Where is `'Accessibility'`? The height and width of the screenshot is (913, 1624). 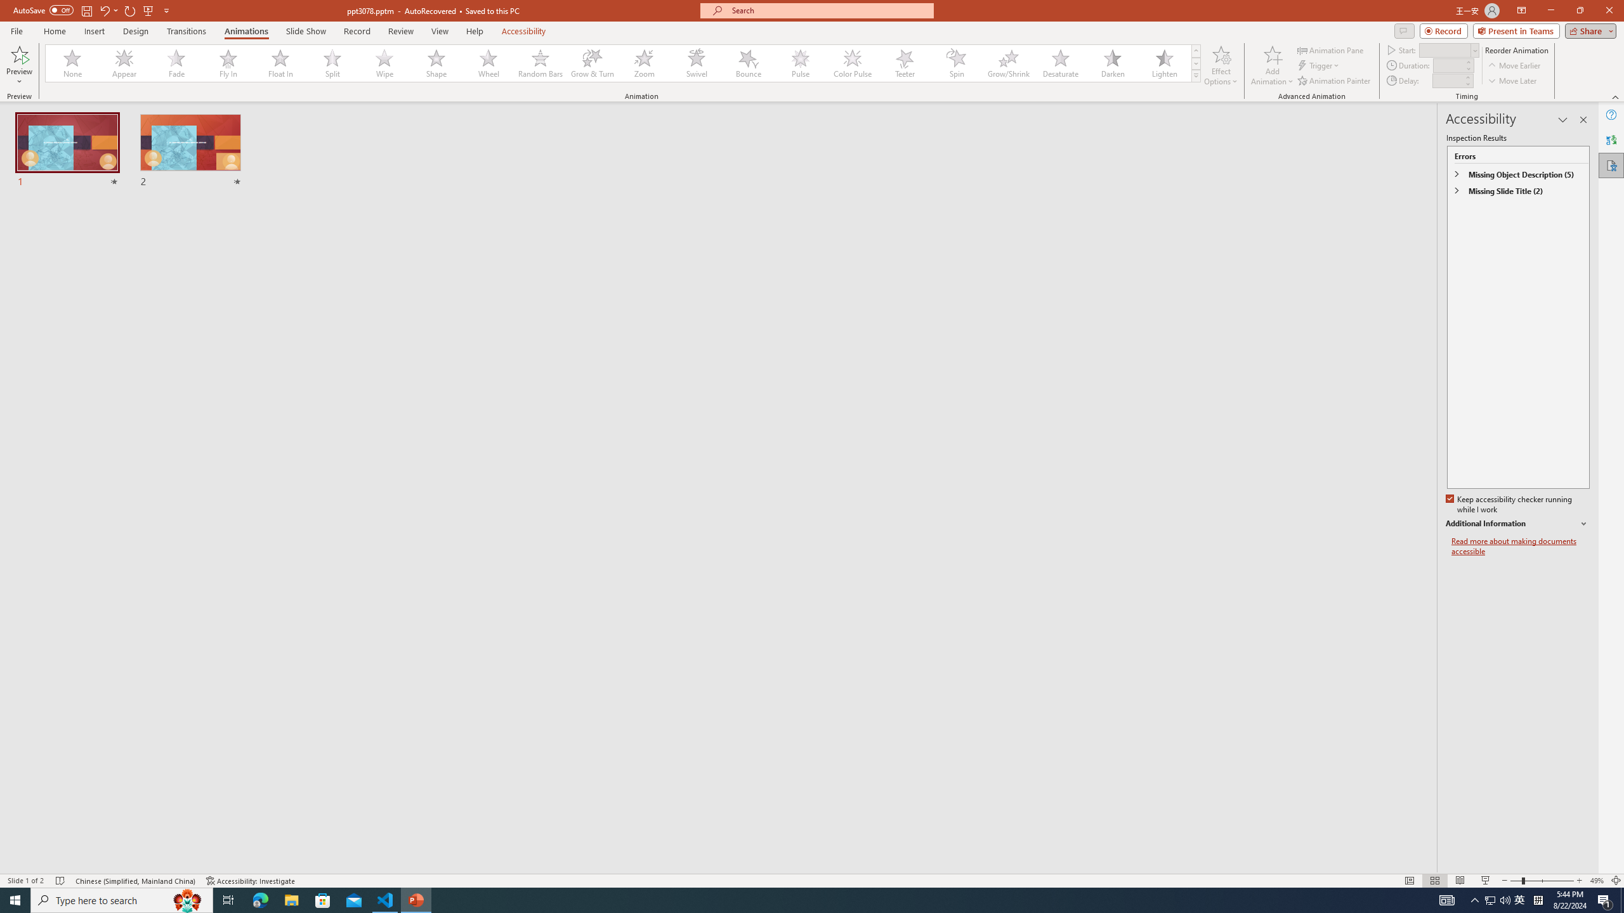 'Accessibility' is located at coordinates (1611, 165).